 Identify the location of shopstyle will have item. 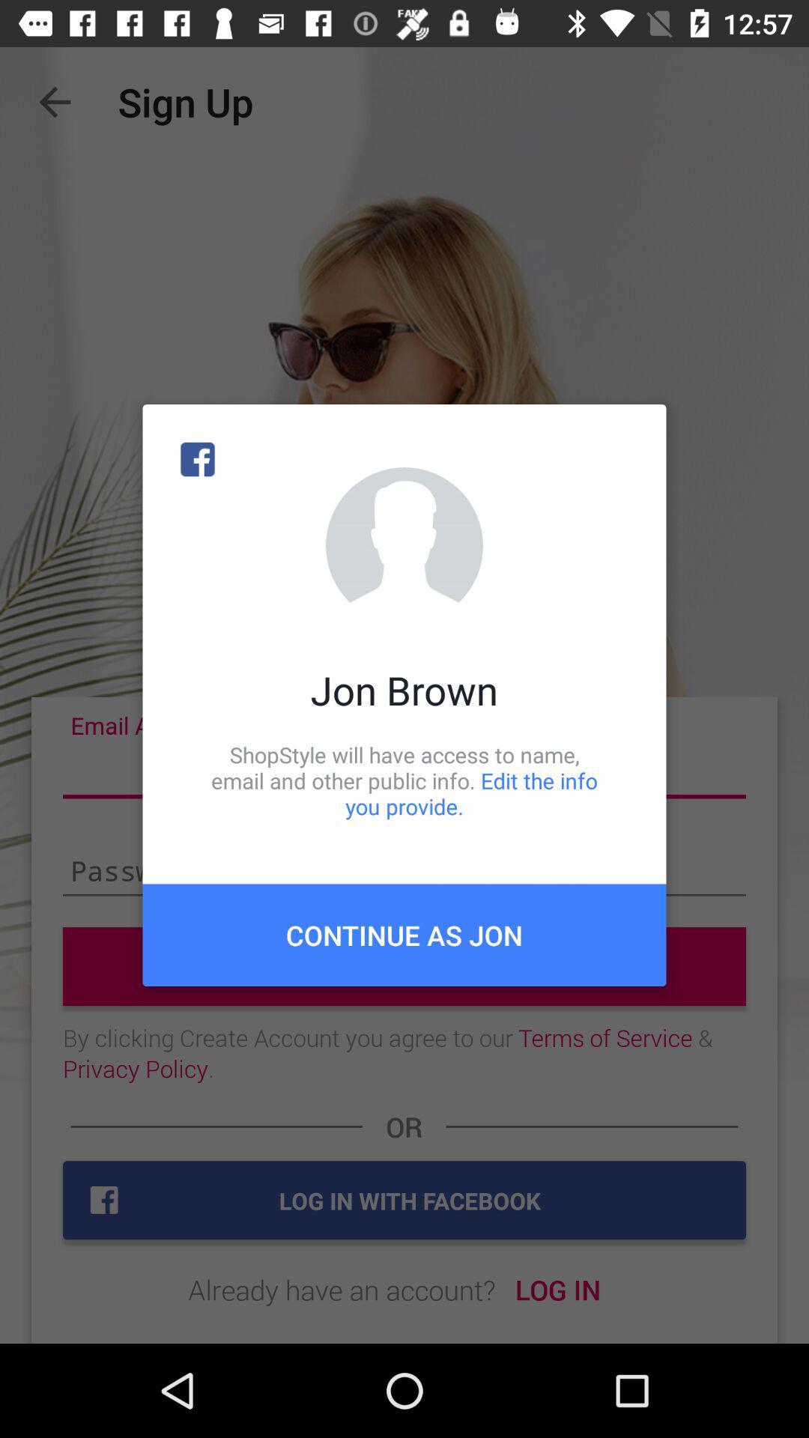
(404, 780).